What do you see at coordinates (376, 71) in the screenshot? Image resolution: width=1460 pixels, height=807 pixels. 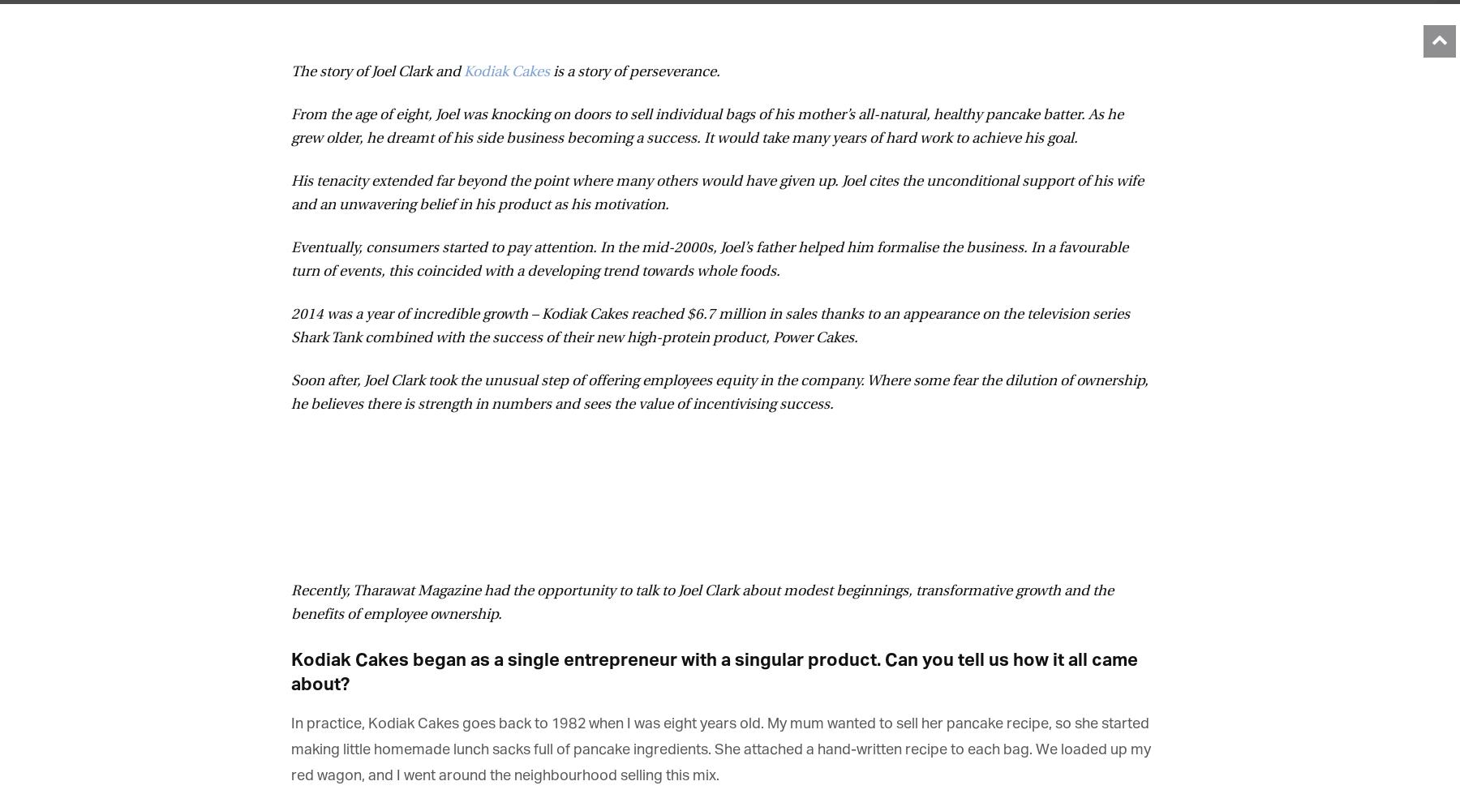 I see `'The story of Joel Clark and'` at bounding box center [376, 71].